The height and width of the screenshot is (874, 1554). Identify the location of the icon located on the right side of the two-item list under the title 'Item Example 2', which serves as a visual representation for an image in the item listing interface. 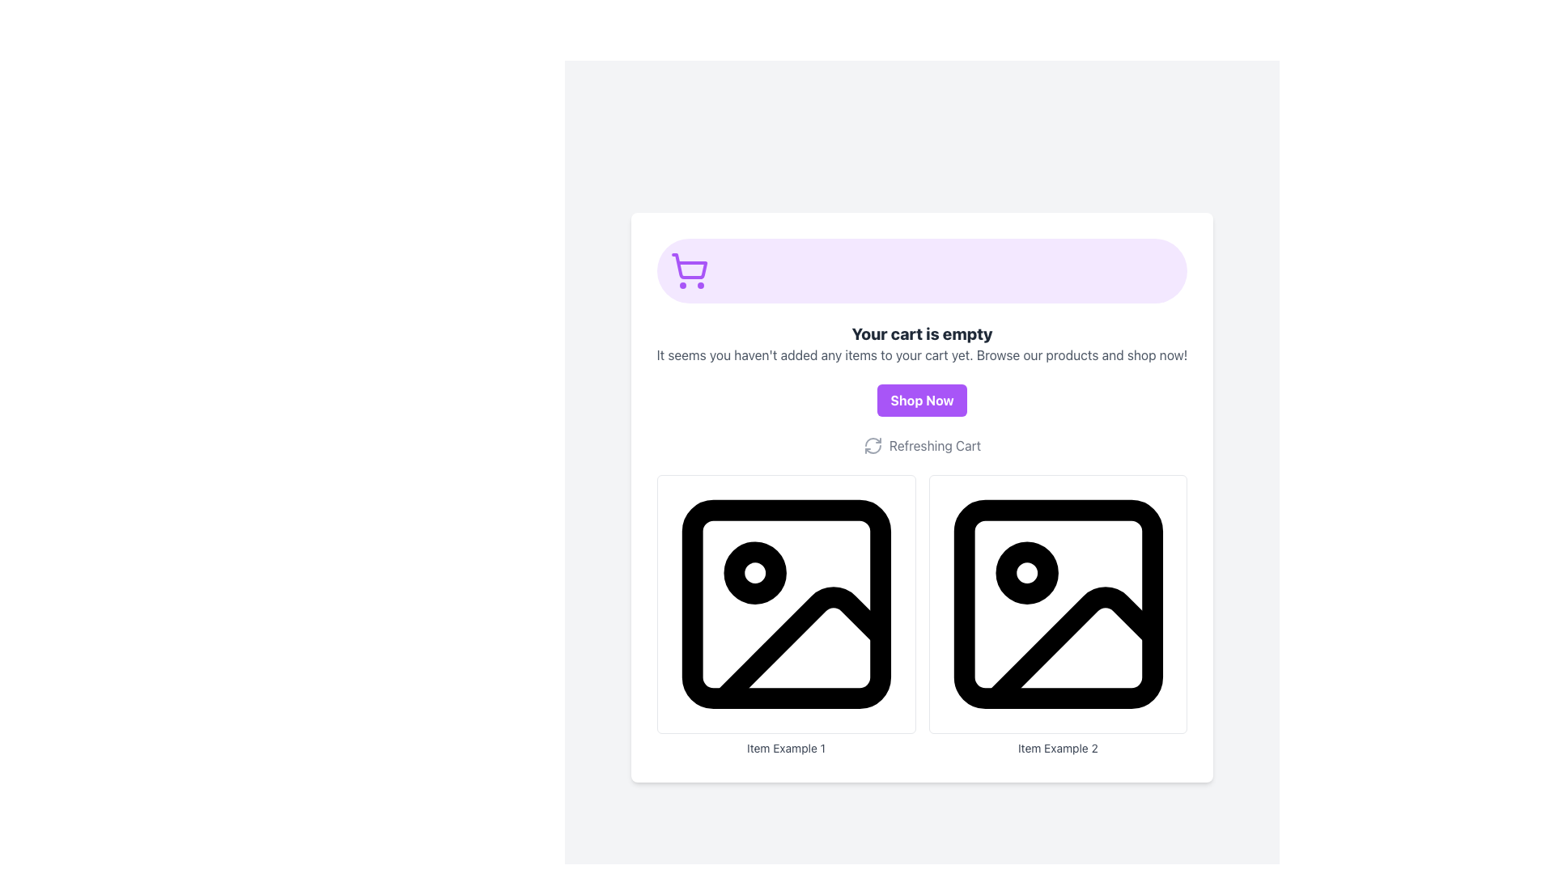
(1058, 605).